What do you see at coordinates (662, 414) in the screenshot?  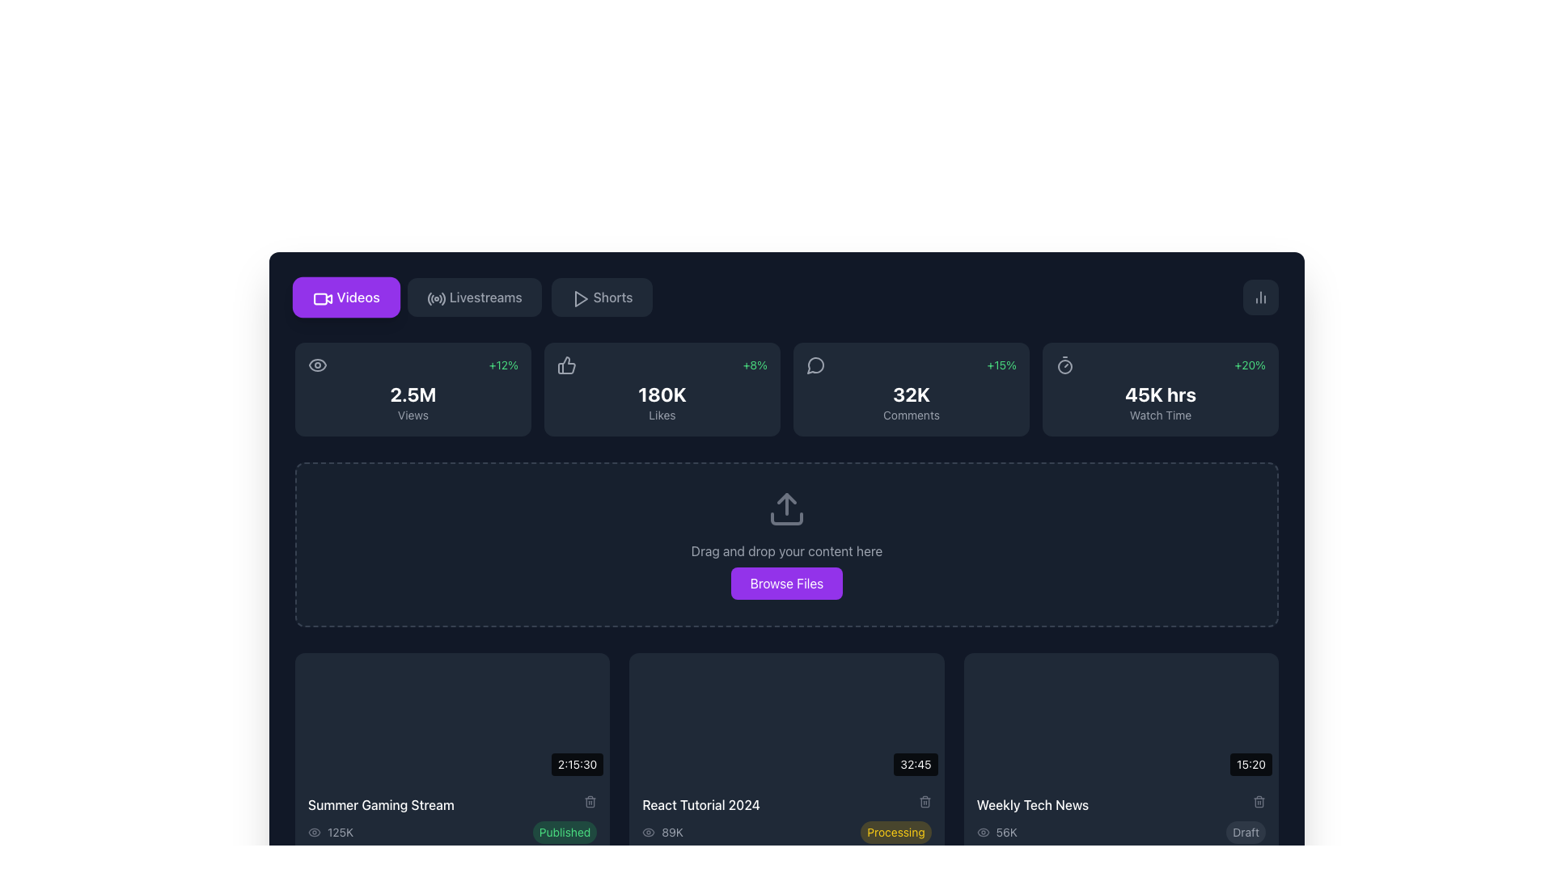 I see `the 'Likes' text label, which is styled in small gray font and positioned centrally below the larger bold white text '180K' within a dark background panel displaying statistics` at bounding box center [662, 414].